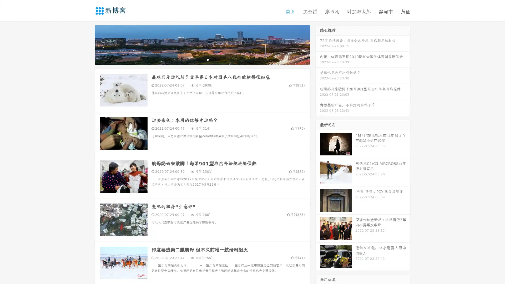 The width and height of the screenshot is (505, 284). Describe the element at coordinates (197, 59) in the screenshot. I see `Go to slide 1` at that location.